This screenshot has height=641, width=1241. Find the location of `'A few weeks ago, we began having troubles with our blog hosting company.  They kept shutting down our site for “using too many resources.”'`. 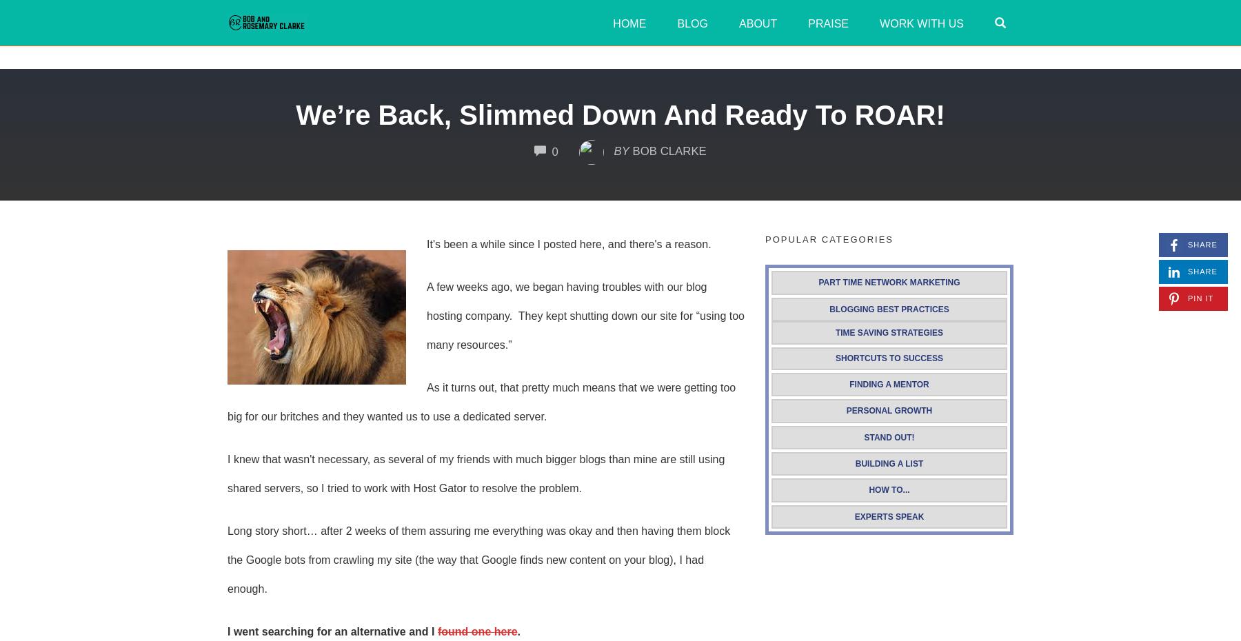

'A few weeks ago, we began having troubles with our blog hosting company.  They kept shutting down our site for “using too many resources.”' is located at coordinates (585, 316).